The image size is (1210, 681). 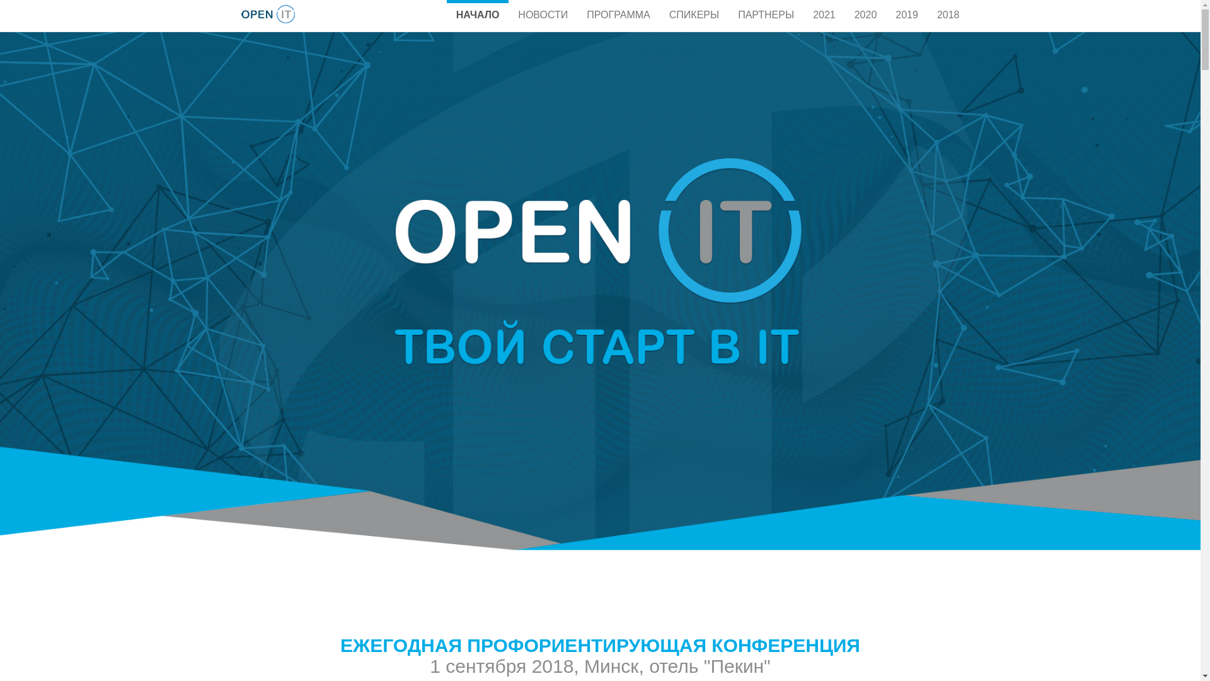 I want to click on '2019', so click(x=885, y=14).